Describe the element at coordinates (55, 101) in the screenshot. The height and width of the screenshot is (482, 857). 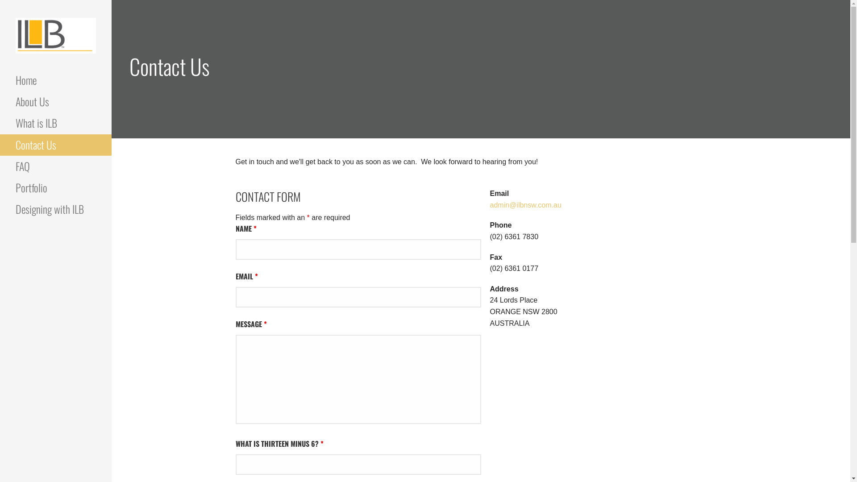
I see `'About Us'` at that location.